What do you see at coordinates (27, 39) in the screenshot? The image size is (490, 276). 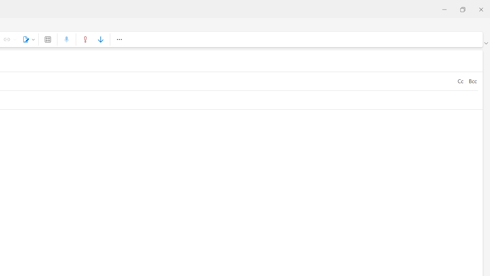 I see `'Signature'` at bounding box center [27, 39].